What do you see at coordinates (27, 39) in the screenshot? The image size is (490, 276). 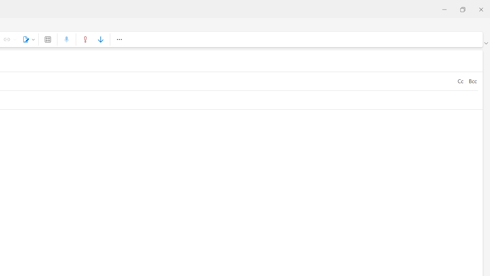 I see `'Signature'` at bounding box center [27, 39].